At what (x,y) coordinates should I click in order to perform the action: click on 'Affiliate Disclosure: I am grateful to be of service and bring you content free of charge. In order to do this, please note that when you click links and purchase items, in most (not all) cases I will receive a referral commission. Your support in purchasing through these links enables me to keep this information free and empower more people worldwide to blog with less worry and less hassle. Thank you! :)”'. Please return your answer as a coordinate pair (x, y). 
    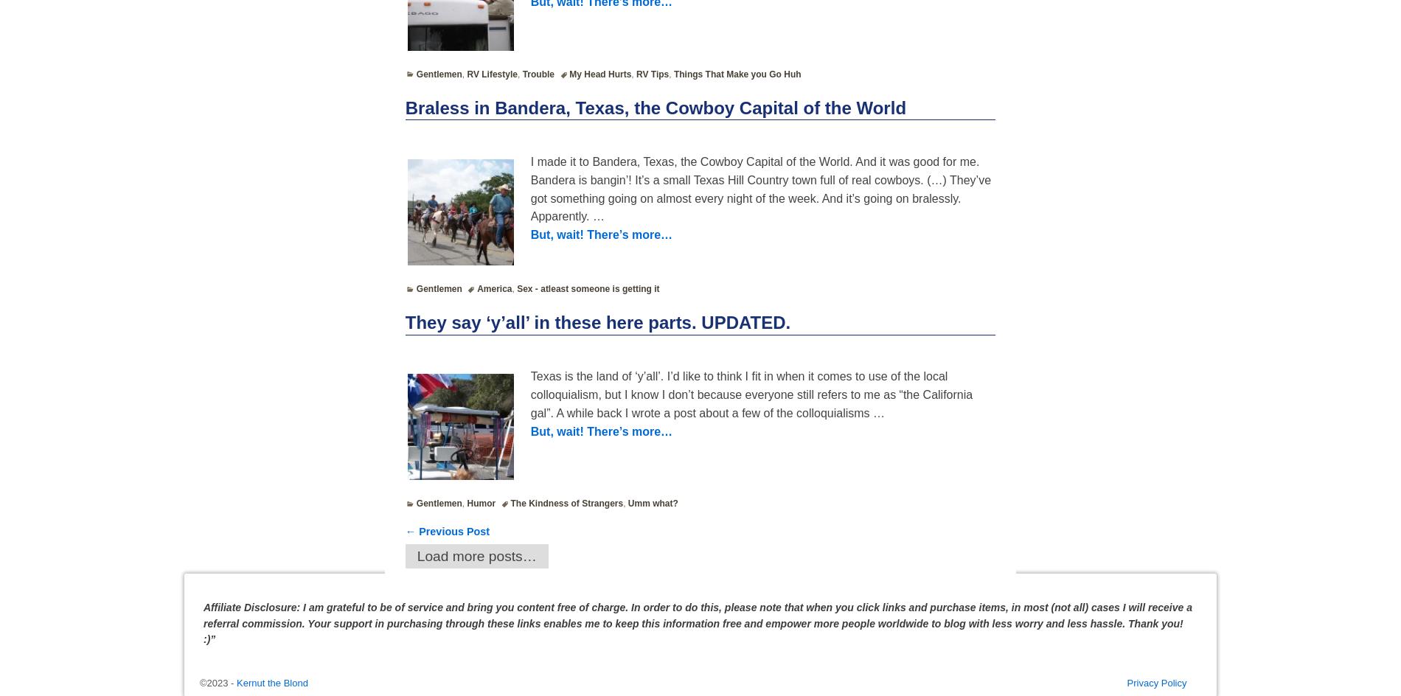
    Looking at the image, I should click on (697, 622).